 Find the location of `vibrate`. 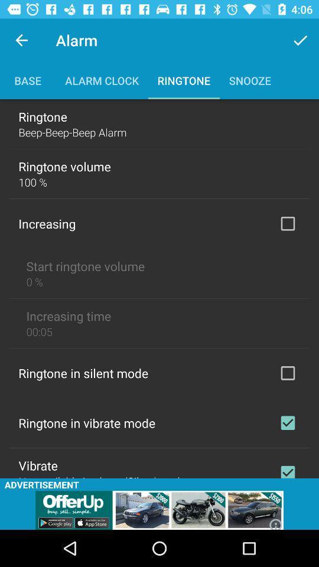

vibrate is located at coordinates (287, 469).